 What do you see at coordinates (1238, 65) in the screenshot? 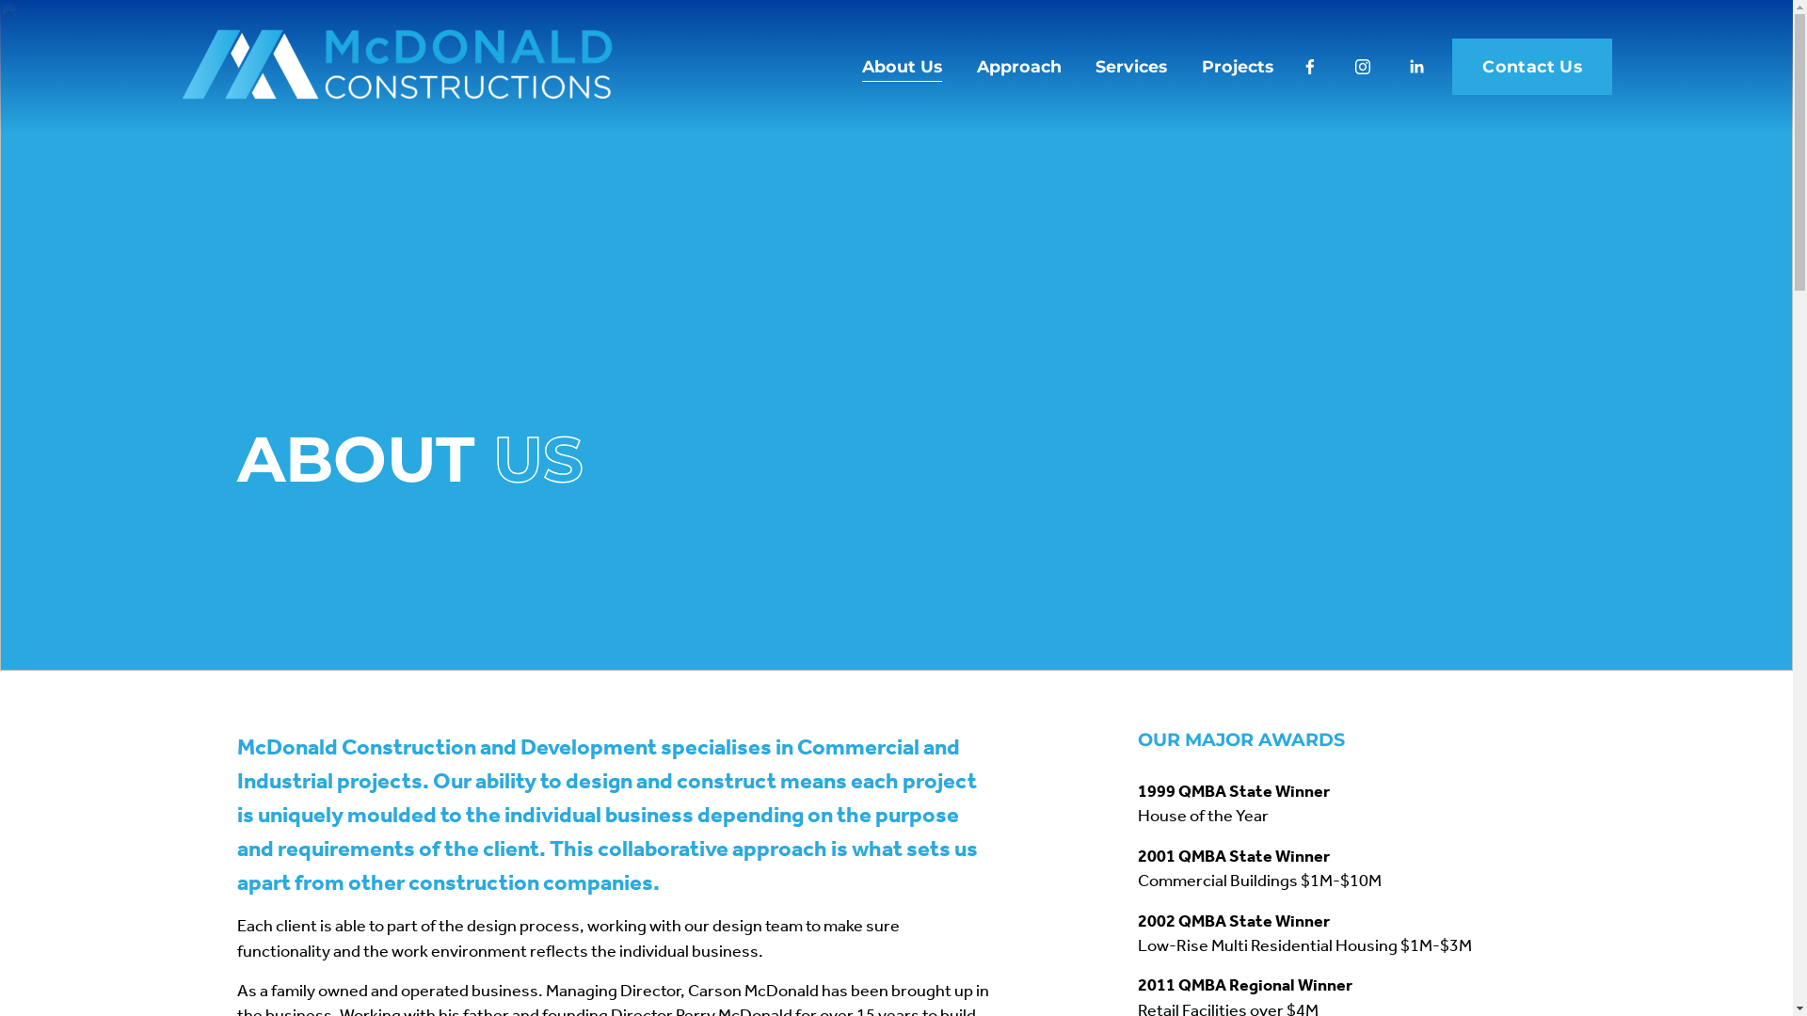
I see `'Projects'` at bounding box center [1238, 65].